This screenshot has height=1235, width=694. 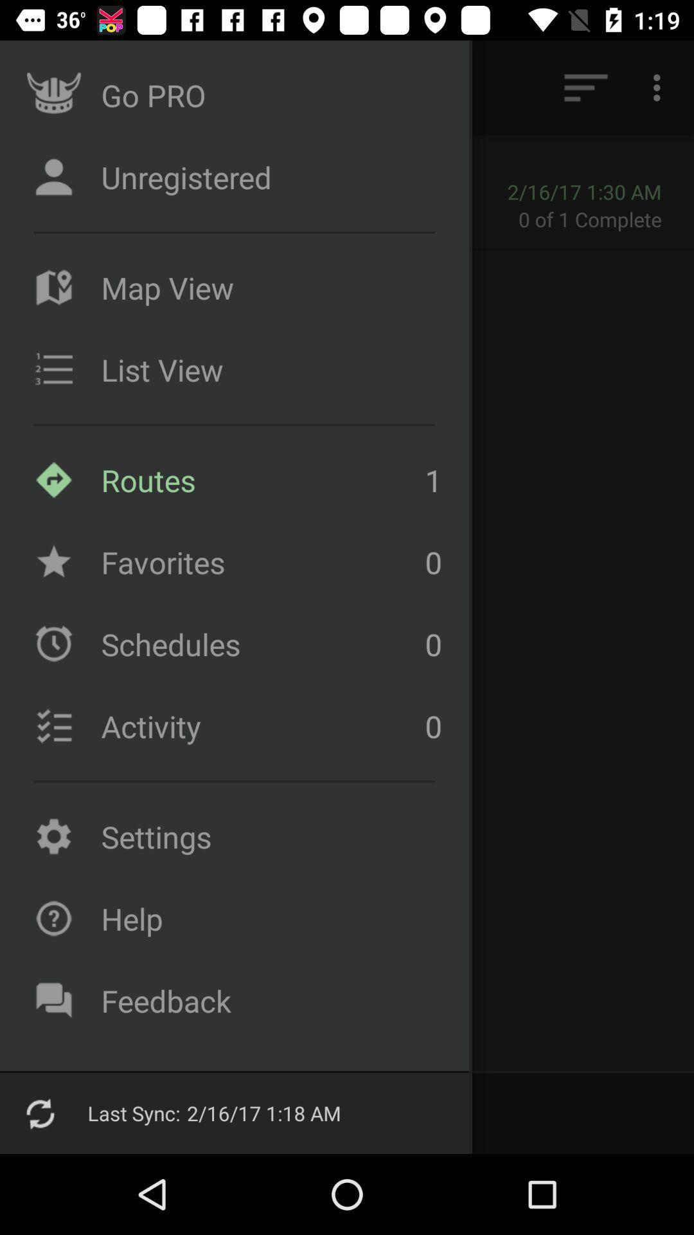 What do you see at coordinates (267, 836) in the screenshot?
I see `settings` at bounding box center [267, 836].